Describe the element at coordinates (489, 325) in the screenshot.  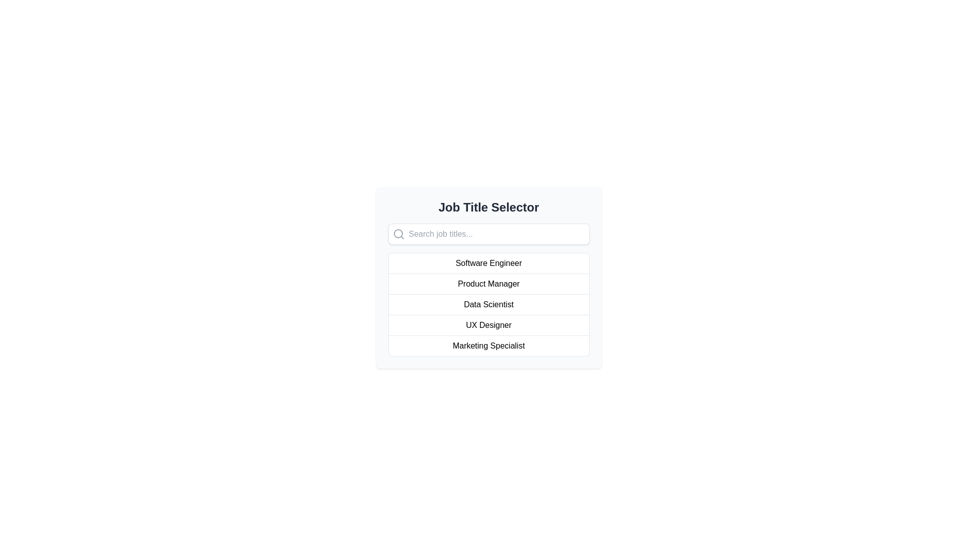
I see `the list item displaying the text 'UX Designer' in the Job Title Selector` at that location.